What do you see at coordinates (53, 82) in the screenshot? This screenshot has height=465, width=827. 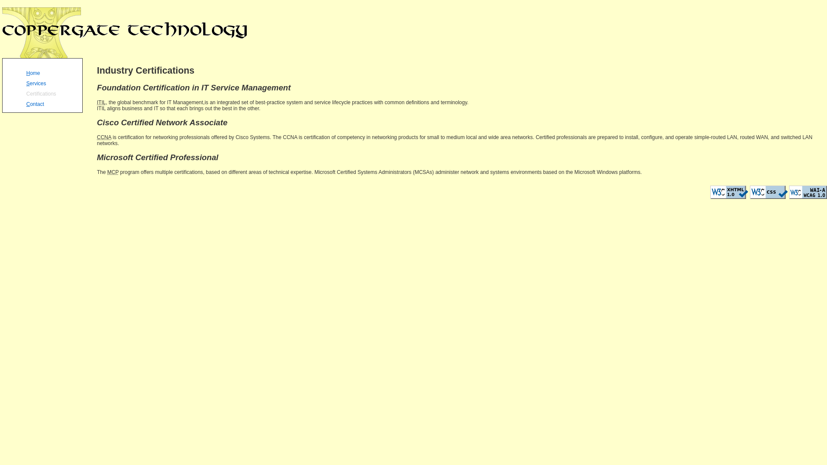 I see `'Services'` at bounding box center [53, 82].